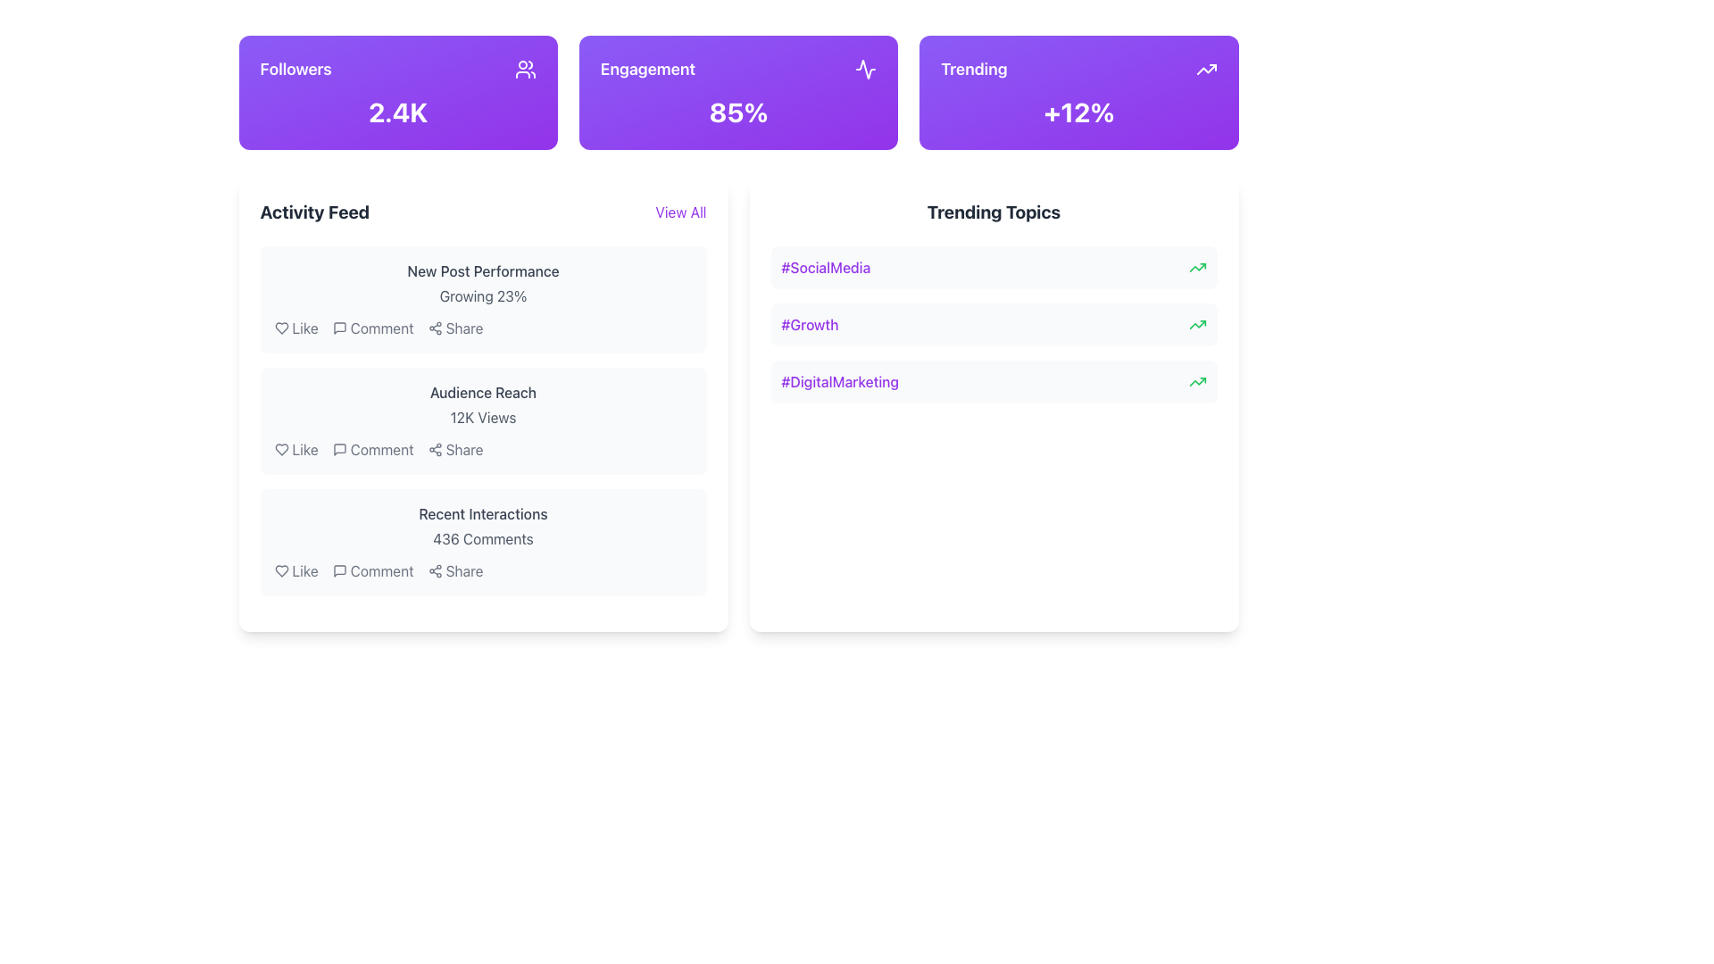 This screenshot has width=1714, height=964. I want to click on the second hashtag in the 'Trending Topics' list, which is located beneath '#SocialMedia' and above '#DigitalMarketing', so click(809, 324).